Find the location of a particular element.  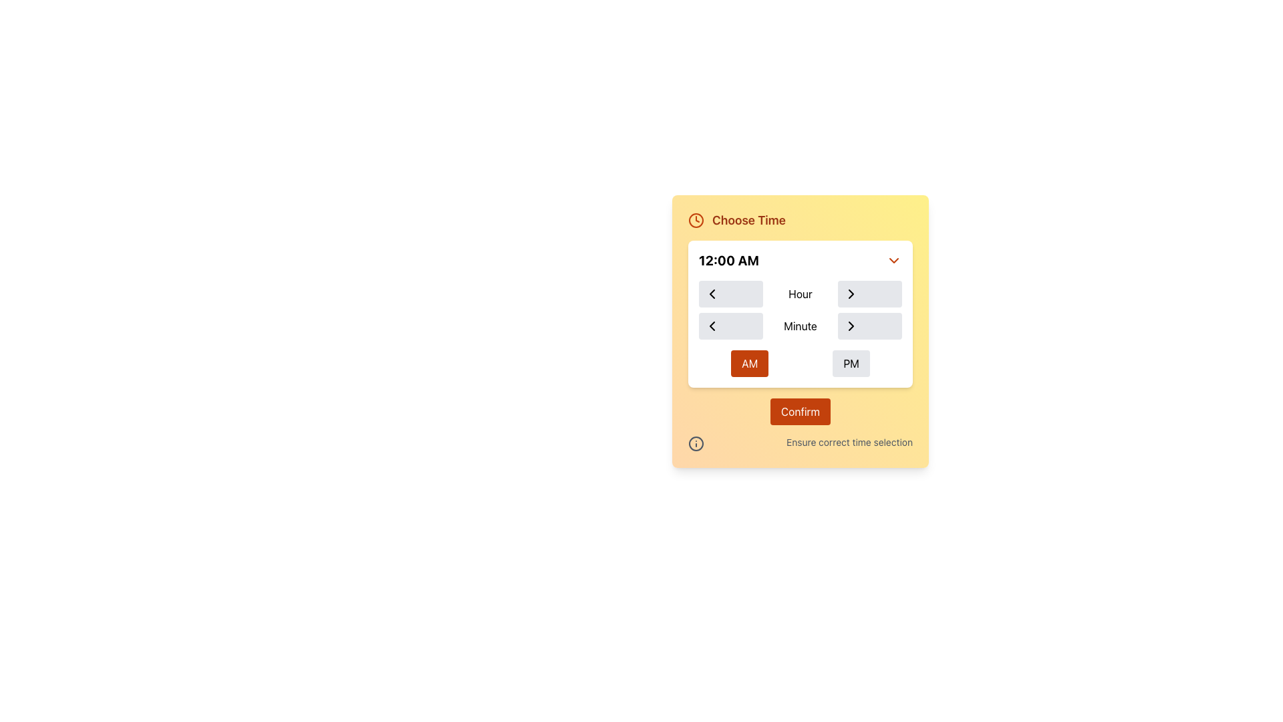

the confirm button located at the bottom of the panel with a yellow background is located at coordinates (801, 411).